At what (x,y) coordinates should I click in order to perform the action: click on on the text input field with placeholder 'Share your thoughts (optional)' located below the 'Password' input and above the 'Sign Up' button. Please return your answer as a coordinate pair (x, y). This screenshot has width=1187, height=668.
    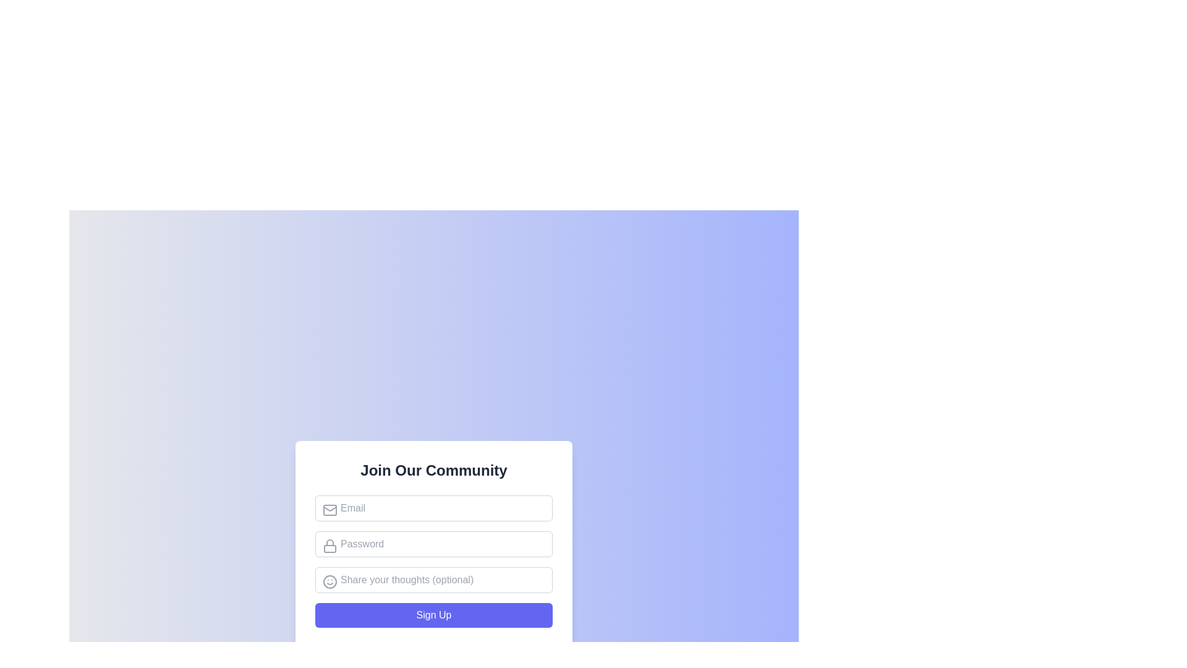
    Looking at the image, I should click on (433, 580).